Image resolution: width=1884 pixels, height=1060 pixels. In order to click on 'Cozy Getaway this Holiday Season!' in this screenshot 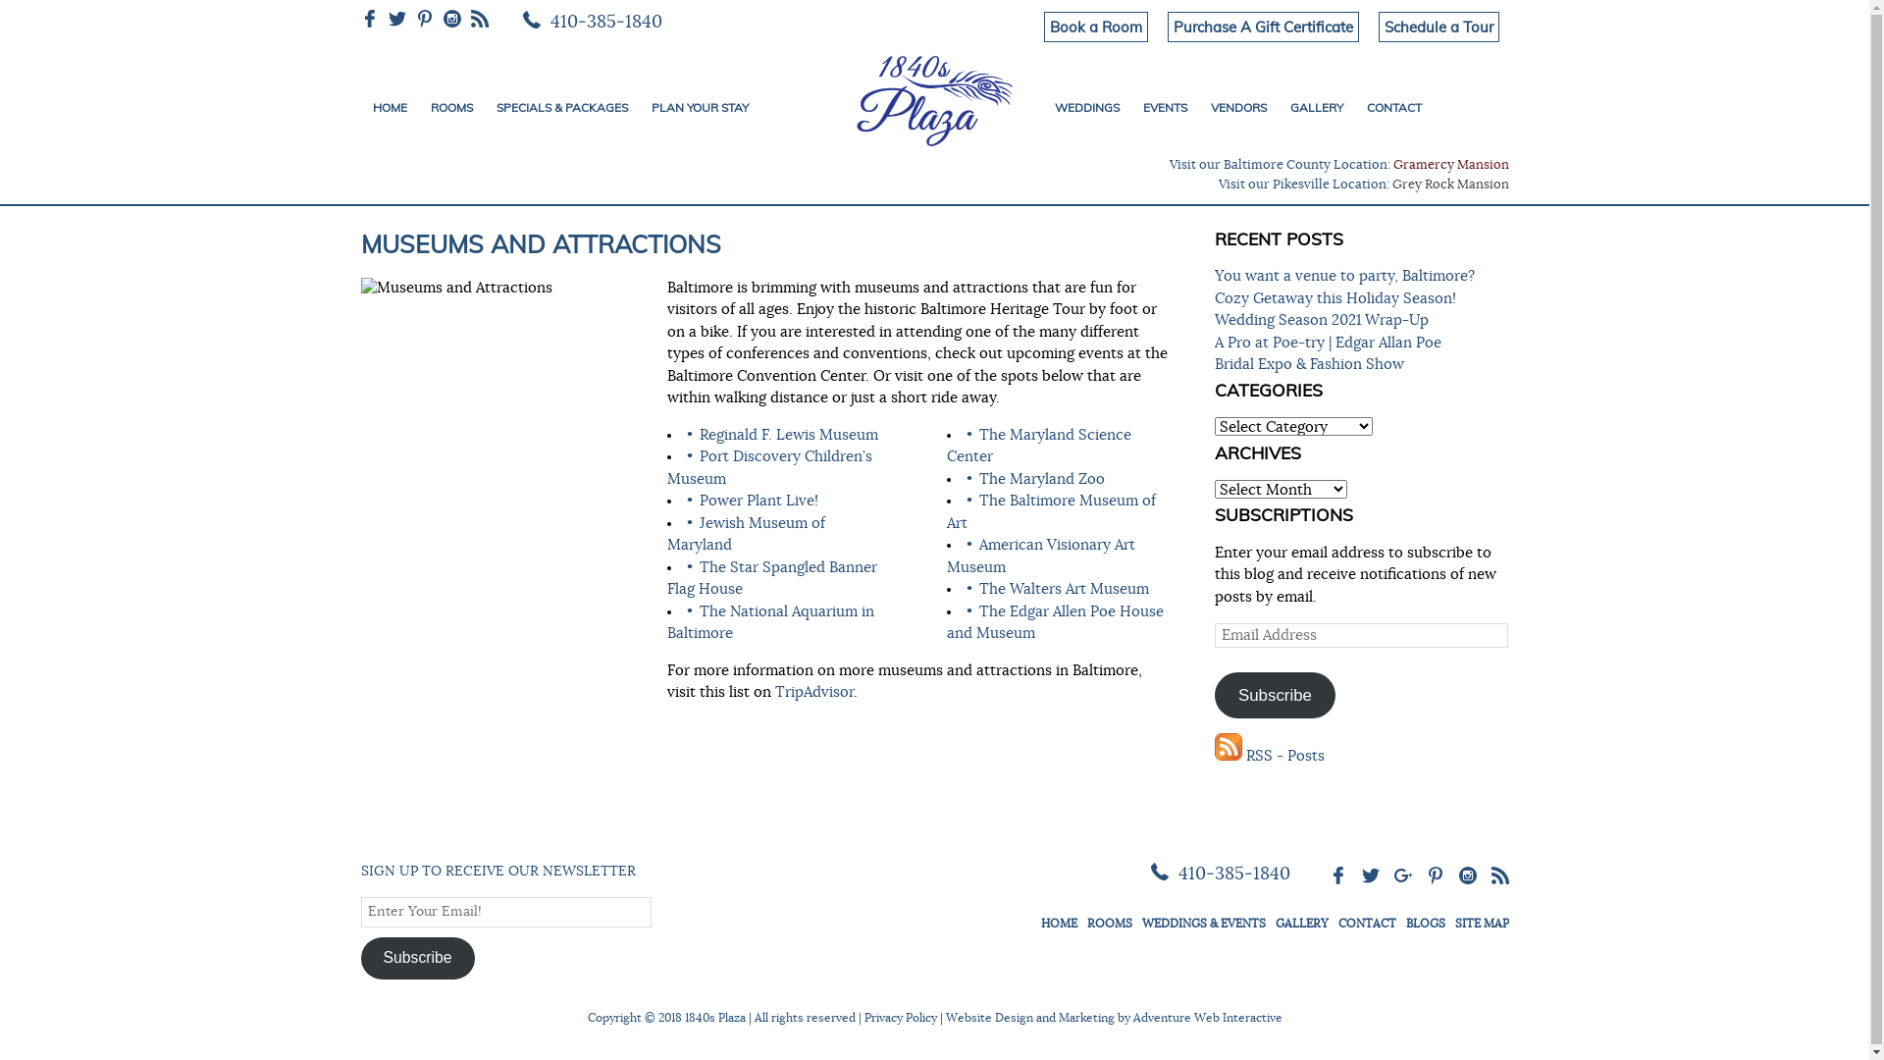, I will do `click(1334, 298)`.